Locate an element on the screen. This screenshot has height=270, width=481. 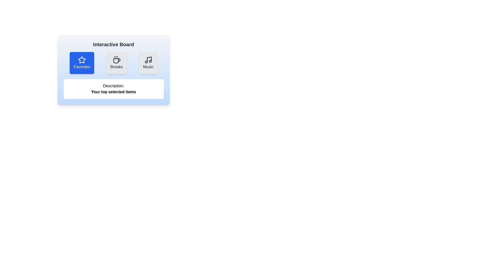
the Favorites button to select it is located at coordinates (82, 62).